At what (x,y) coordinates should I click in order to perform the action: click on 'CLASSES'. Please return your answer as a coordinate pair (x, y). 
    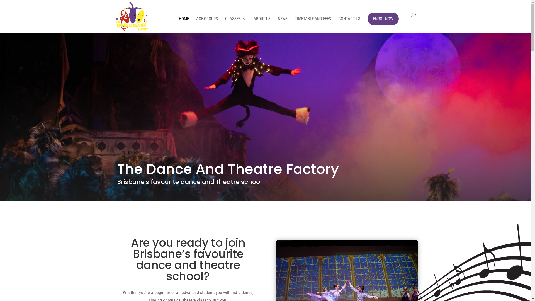
    Looking at the image, I should click on (235, 25).